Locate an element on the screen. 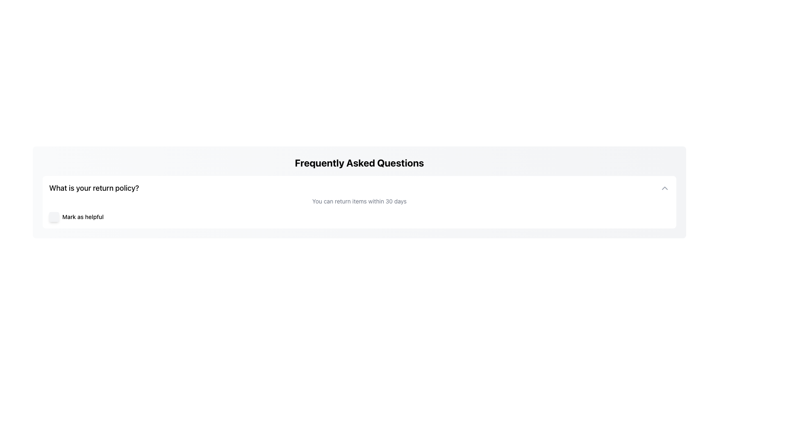 Image resolution: width=787 pixels, height=443 pixels. the static text label stating 'You can return items within 30 days.' which is located under the question 'What is your return policy?' is located at coordinates (359, 201).